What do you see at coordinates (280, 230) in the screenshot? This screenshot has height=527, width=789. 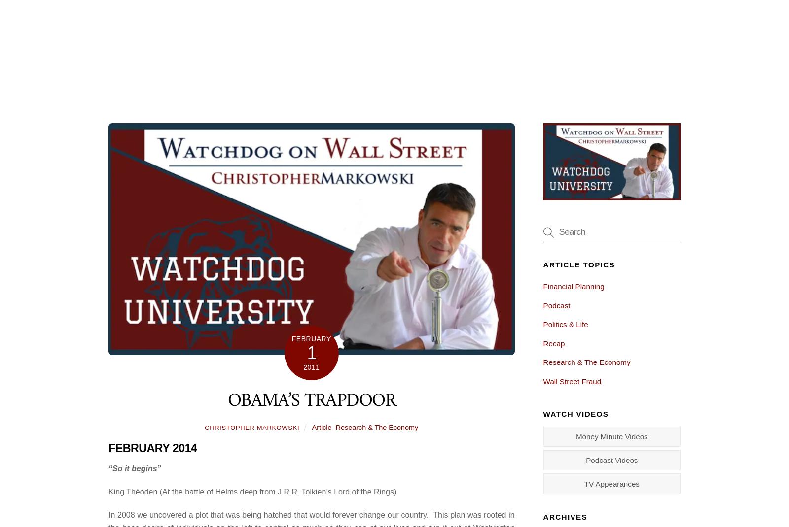 I see `'Soon after implementation you will have the'` at bounding box center [280, 230].